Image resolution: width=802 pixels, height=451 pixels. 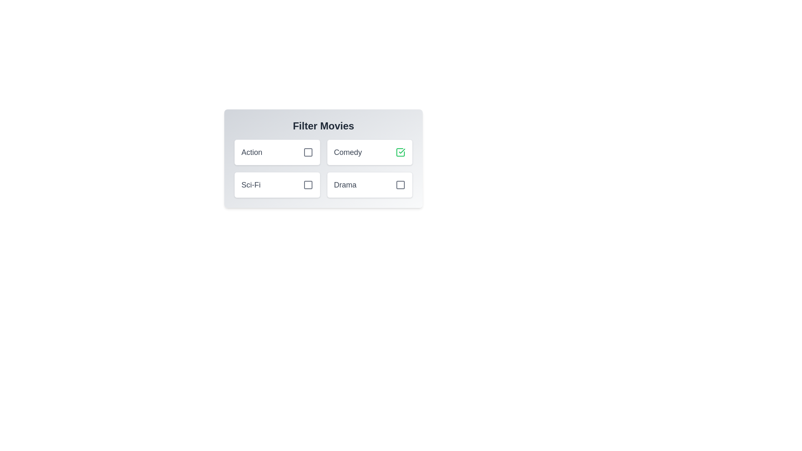 I want to click on the genre Comedy, so click(x=400, y=152).